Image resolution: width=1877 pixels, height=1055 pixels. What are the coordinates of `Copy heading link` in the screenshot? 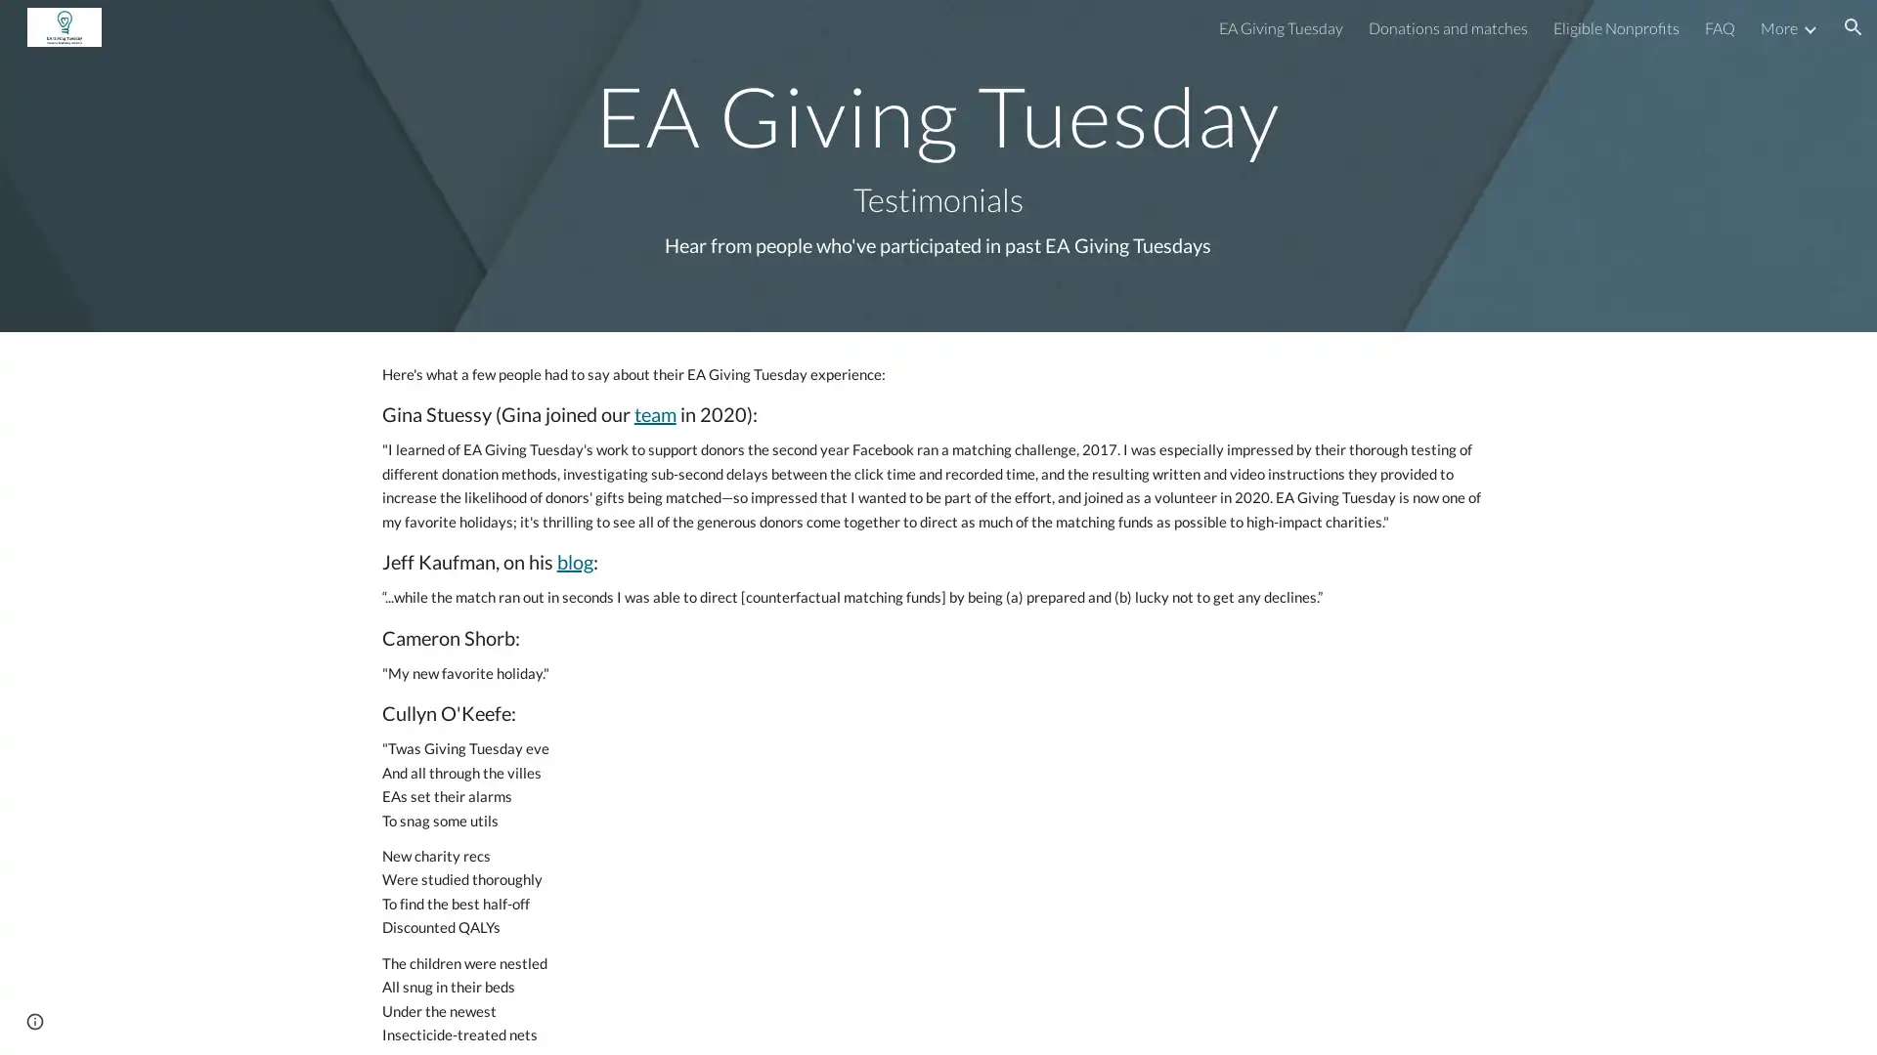 It's located at (545, 637).